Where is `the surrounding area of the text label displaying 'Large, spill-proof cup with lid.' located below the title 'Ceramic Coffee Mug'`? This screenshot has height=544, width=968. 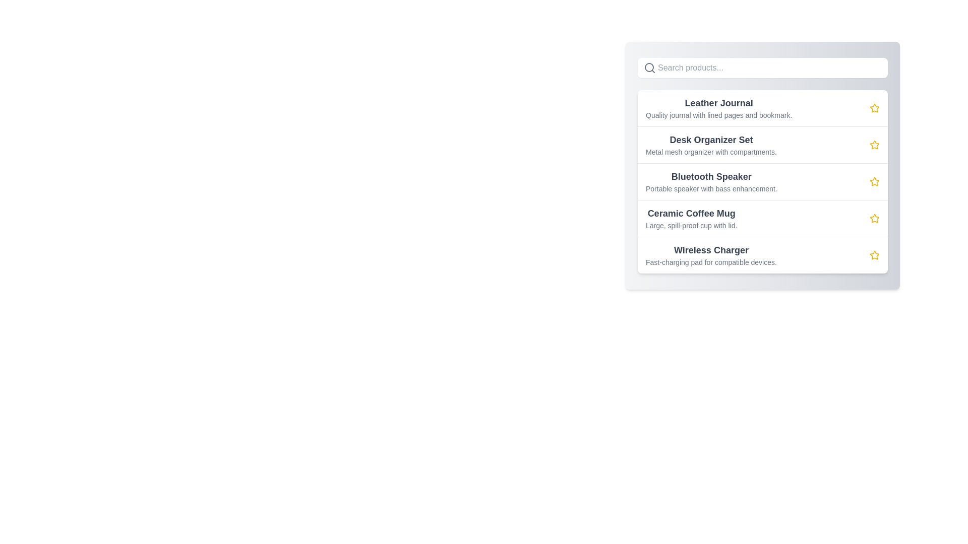 the surrounding area of the text label displaying 'Large, spill-proof cup with lid.' located below the title 'Ceramic Coffee Mug' is located at coordinates (691, 225).